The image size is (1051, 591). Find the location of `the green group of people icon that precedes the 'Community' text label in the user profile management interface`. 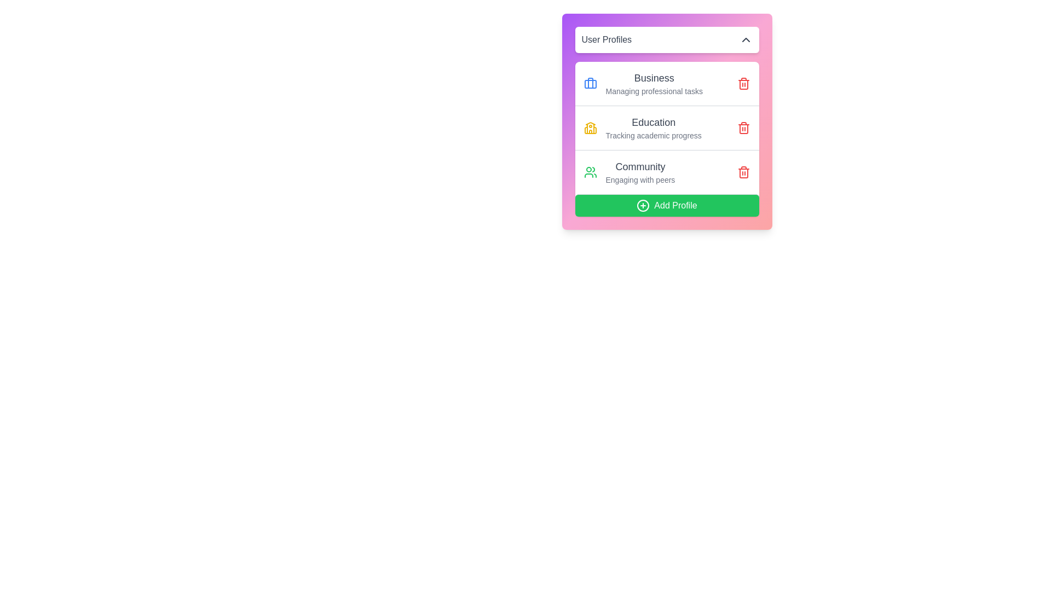

the green group of people icon that precedes the 'Community' text label in the user profile management interface is located at coordinates (590, 172).